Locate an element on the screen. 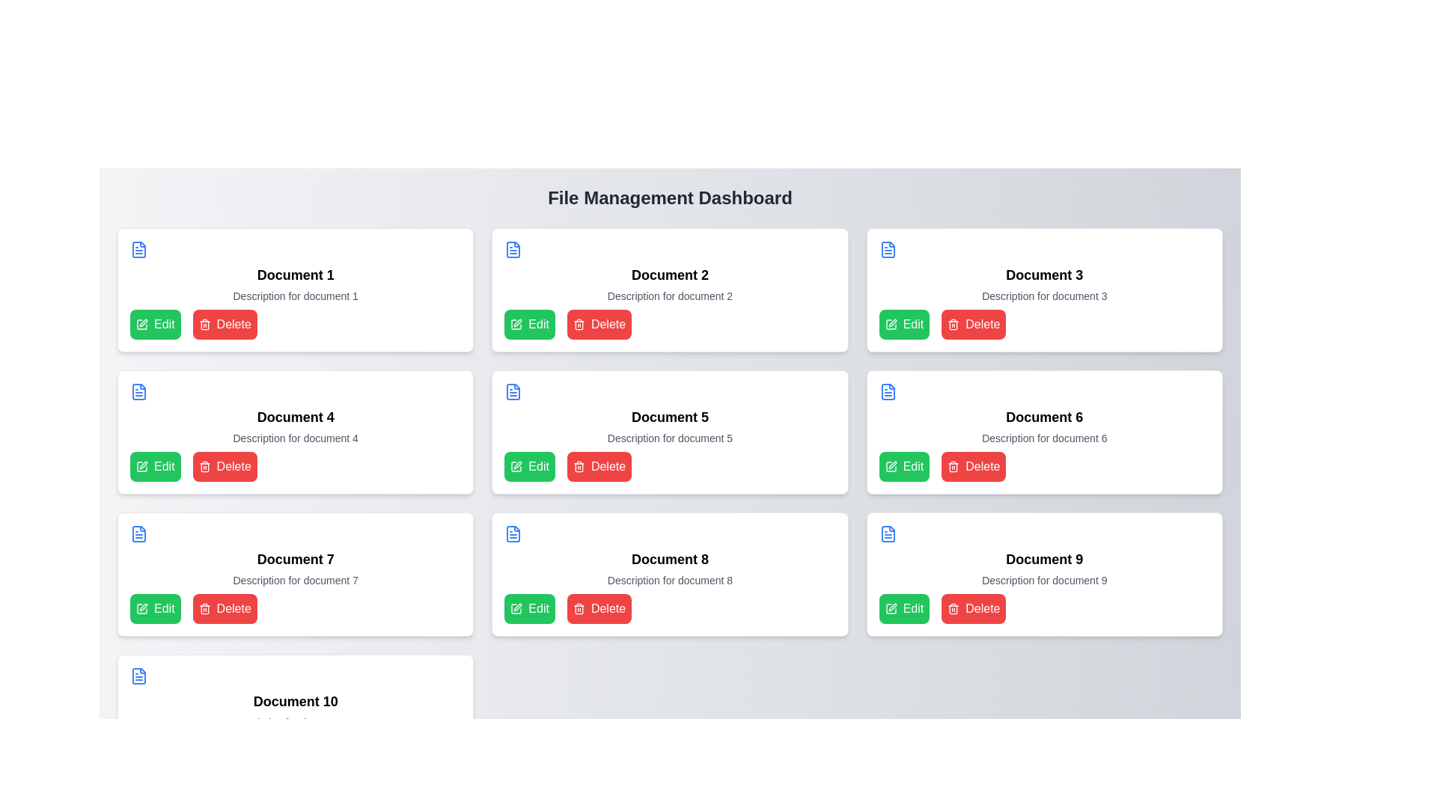 The image size is (1437, 808). the pen icon with a square outline and a pen figure, which is part of the 'Edit' button on a document management card, located in the grid layout is located at coordinates (891, 466).